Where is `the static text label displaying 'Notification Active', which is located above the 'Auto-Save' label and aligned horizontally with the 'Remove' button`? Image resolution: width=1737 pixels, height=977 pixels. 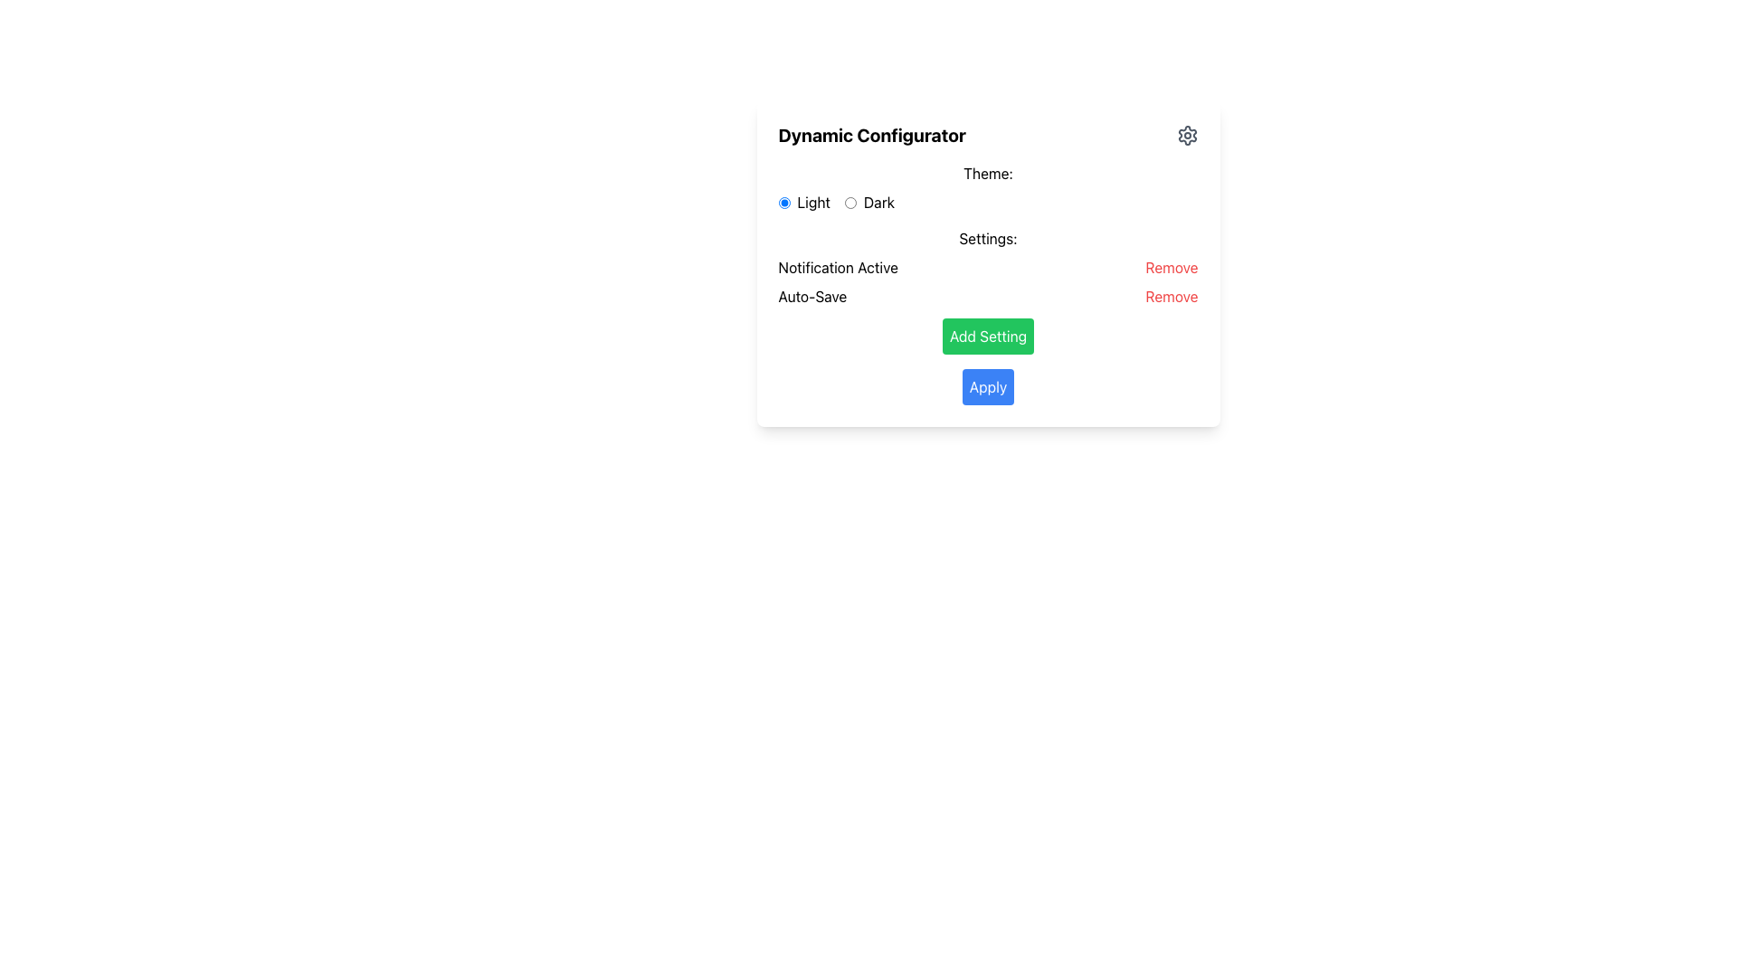
the static text label displaying 'Notification Active', which is located above the 'Auto-Save' label and aligned horizontally with the 'Remove' button is located at coordinates (837, 268).